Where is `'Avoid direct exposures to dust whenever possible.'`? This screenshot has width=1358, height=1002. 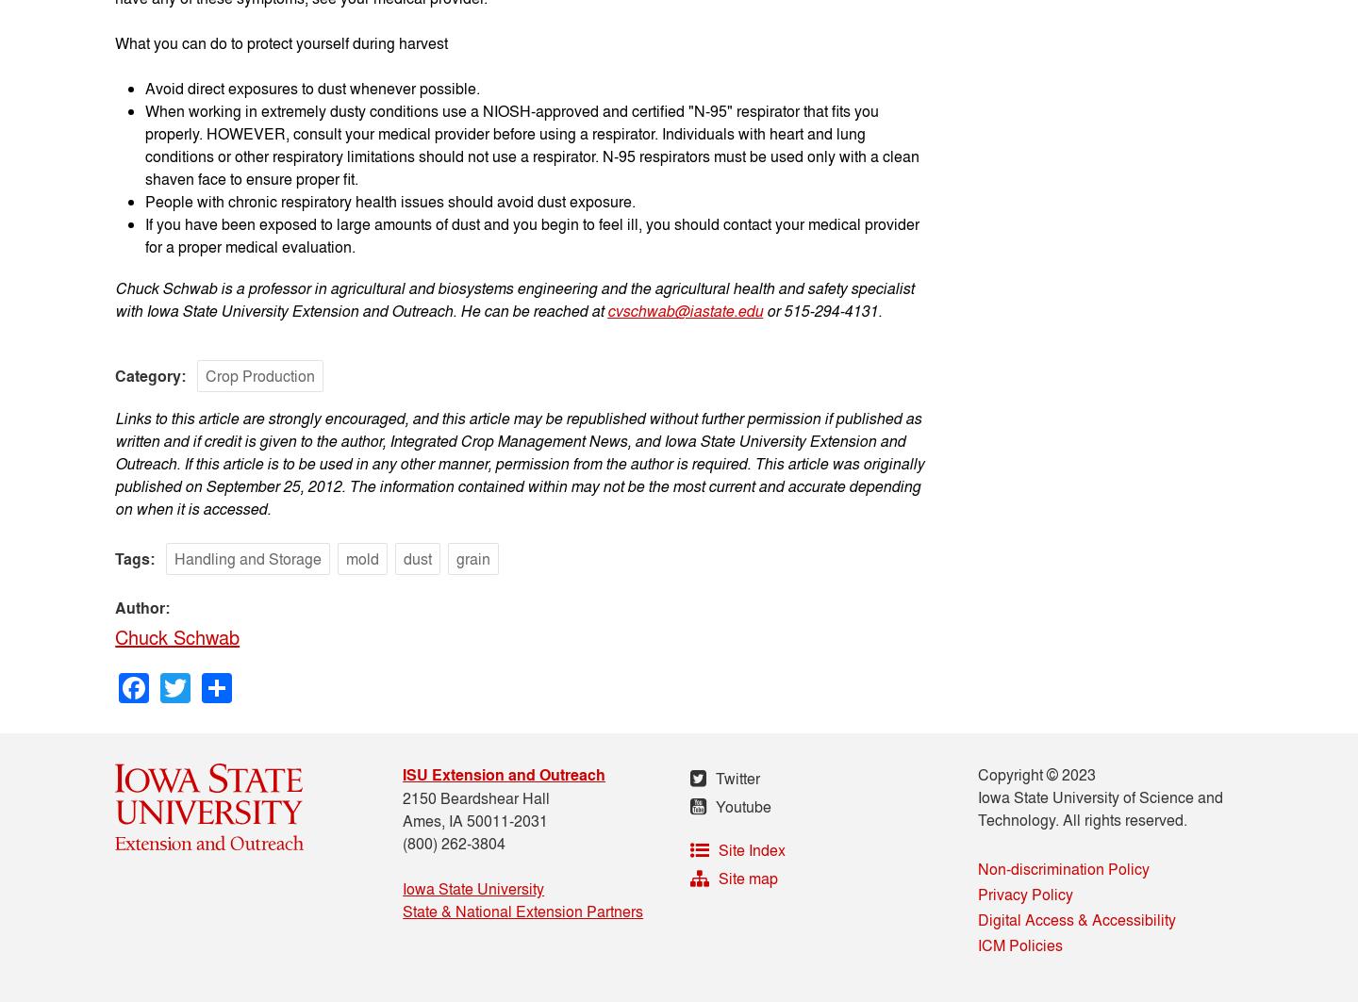 'Avoid direct exposures to dust whenever possible.' is located at coordinates (312, 88).